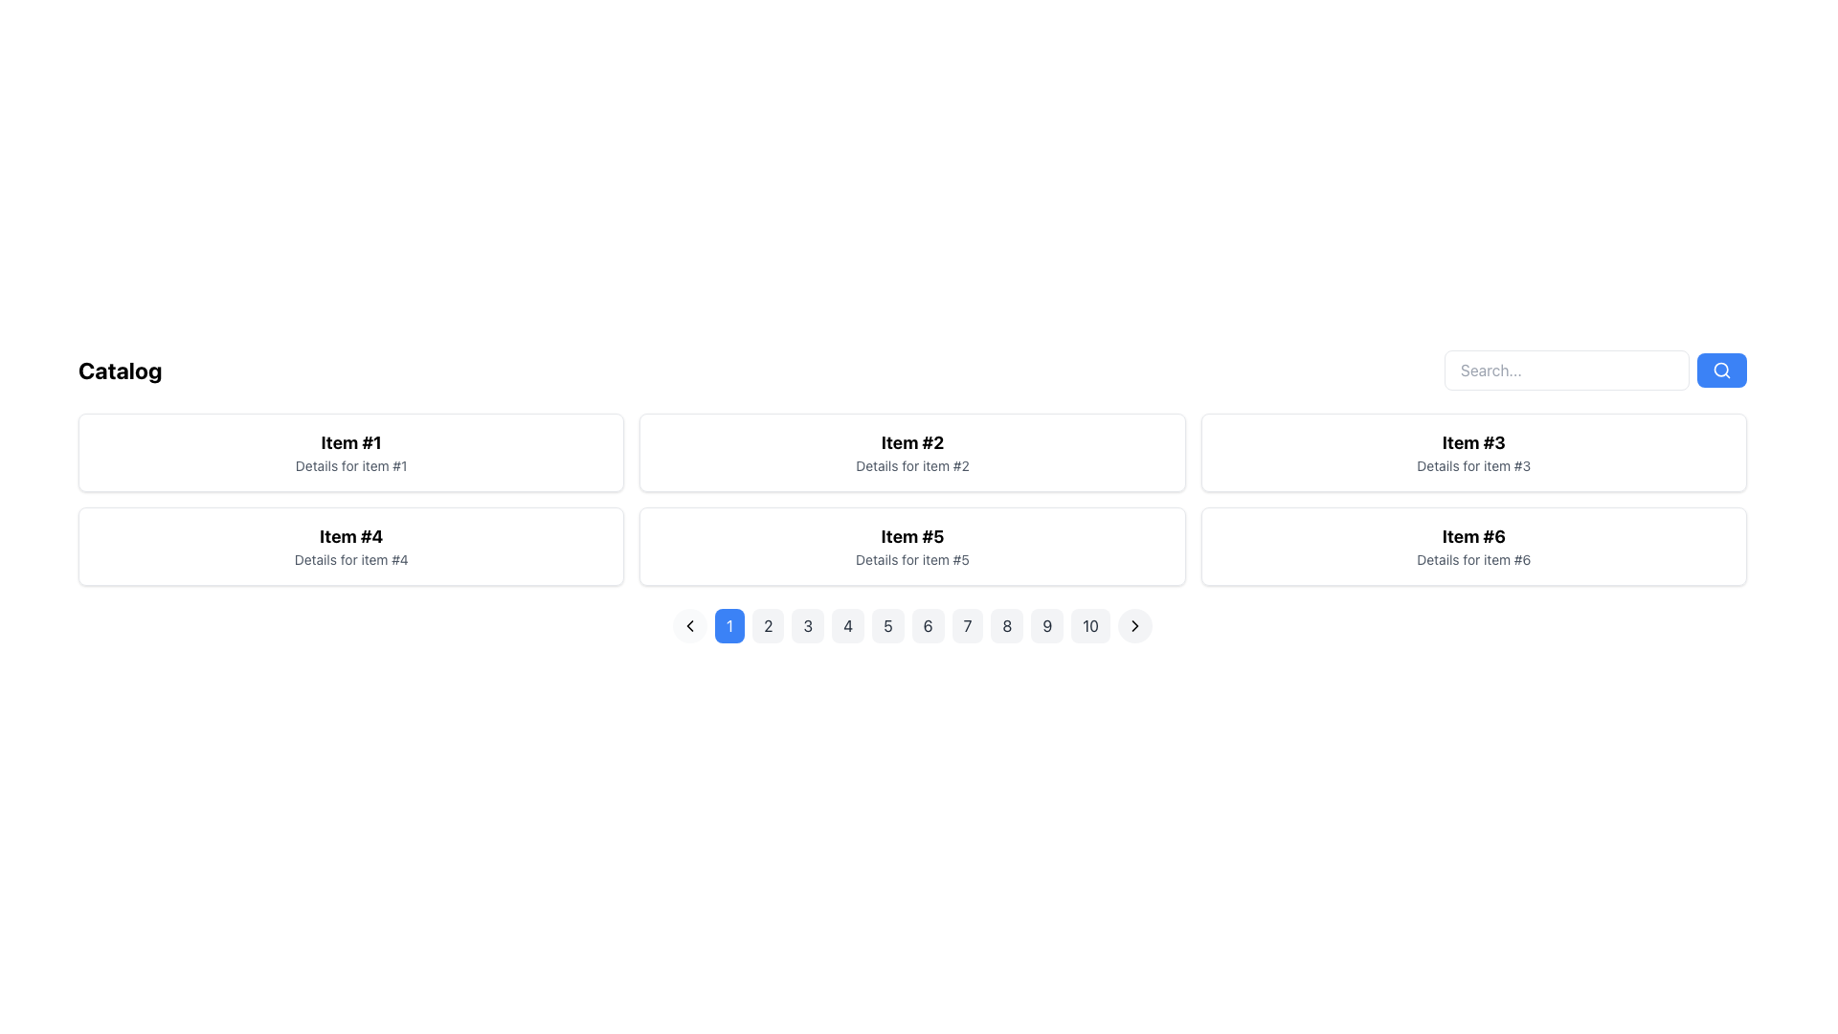 This screenshot has width=1838, height=1034. What do you see at coordinates (351, 453) in the screenshot?
I see `the item display card located in the top-left corner of the grid layout for further actions` at bounding box center [351, 453].